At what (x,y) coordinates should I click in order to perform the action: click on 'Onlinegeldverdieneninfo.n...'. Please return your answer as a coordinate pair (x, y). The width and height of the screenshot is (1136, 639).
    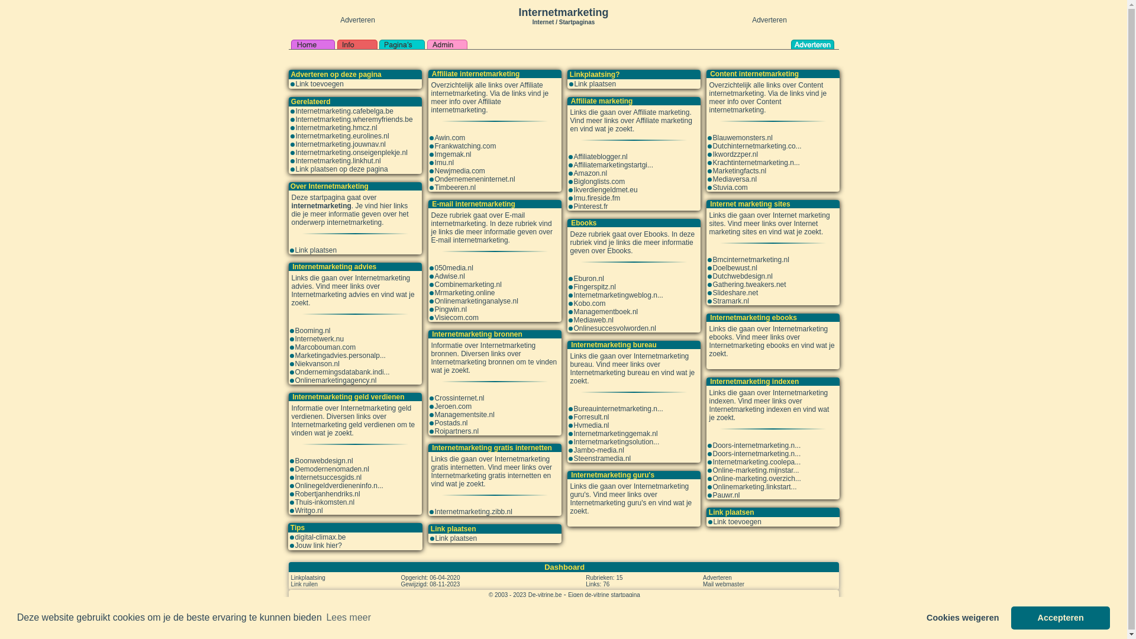
    Looking at the image, I should click on (338, 486).